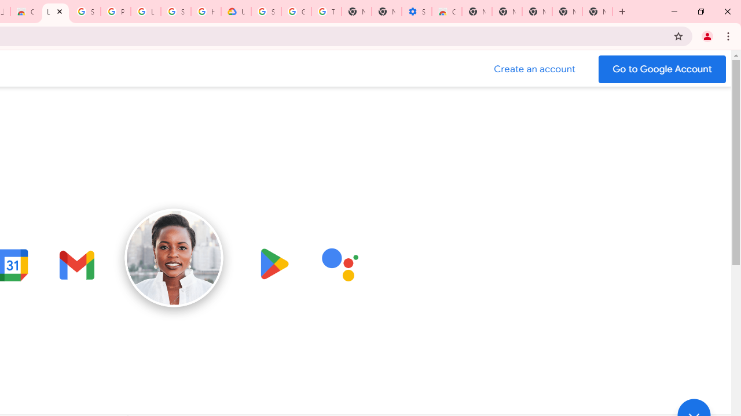 This screenshot has width=741, height=416. What do you see at coordinates (674, 12) in the screenshot?
I see `'Minimize'` at bounding box center [674, 12].